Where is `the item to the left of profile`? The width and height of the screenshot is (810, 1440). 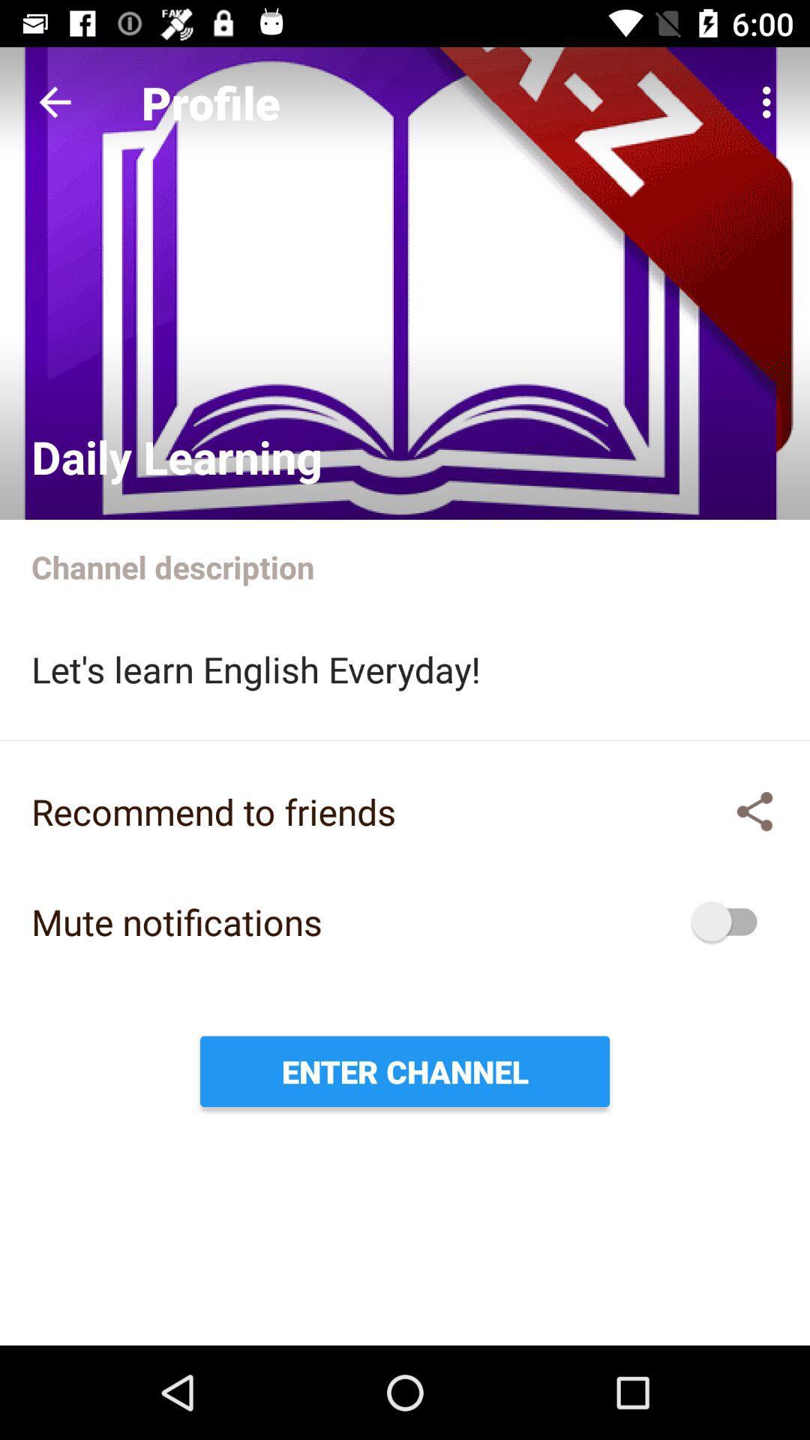
the item to the left of profile is located at coordinates (54, 101).